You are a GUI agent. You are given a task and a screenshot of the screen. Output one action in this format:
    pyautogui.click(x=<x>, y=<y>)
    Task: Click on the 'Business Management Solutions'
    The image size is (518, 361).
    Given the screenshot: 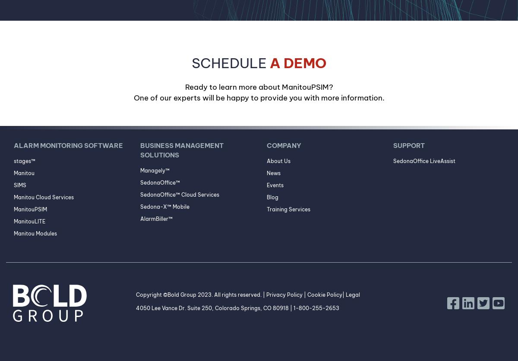 What is the action you would take?
    pyautogui.click(x=181, y=150)
    